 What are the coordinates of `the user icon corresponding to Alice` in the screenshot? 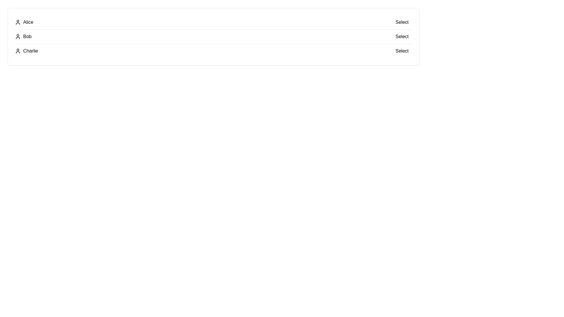 It's located at (18, 22).